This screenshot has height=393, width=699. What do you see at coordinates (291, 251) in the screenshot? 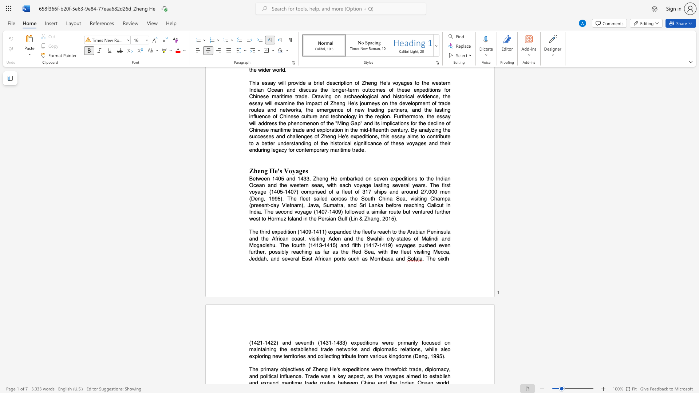
I see `the subset text "reac" within the text "possibly reaching"` at bounding box center [291, 251].